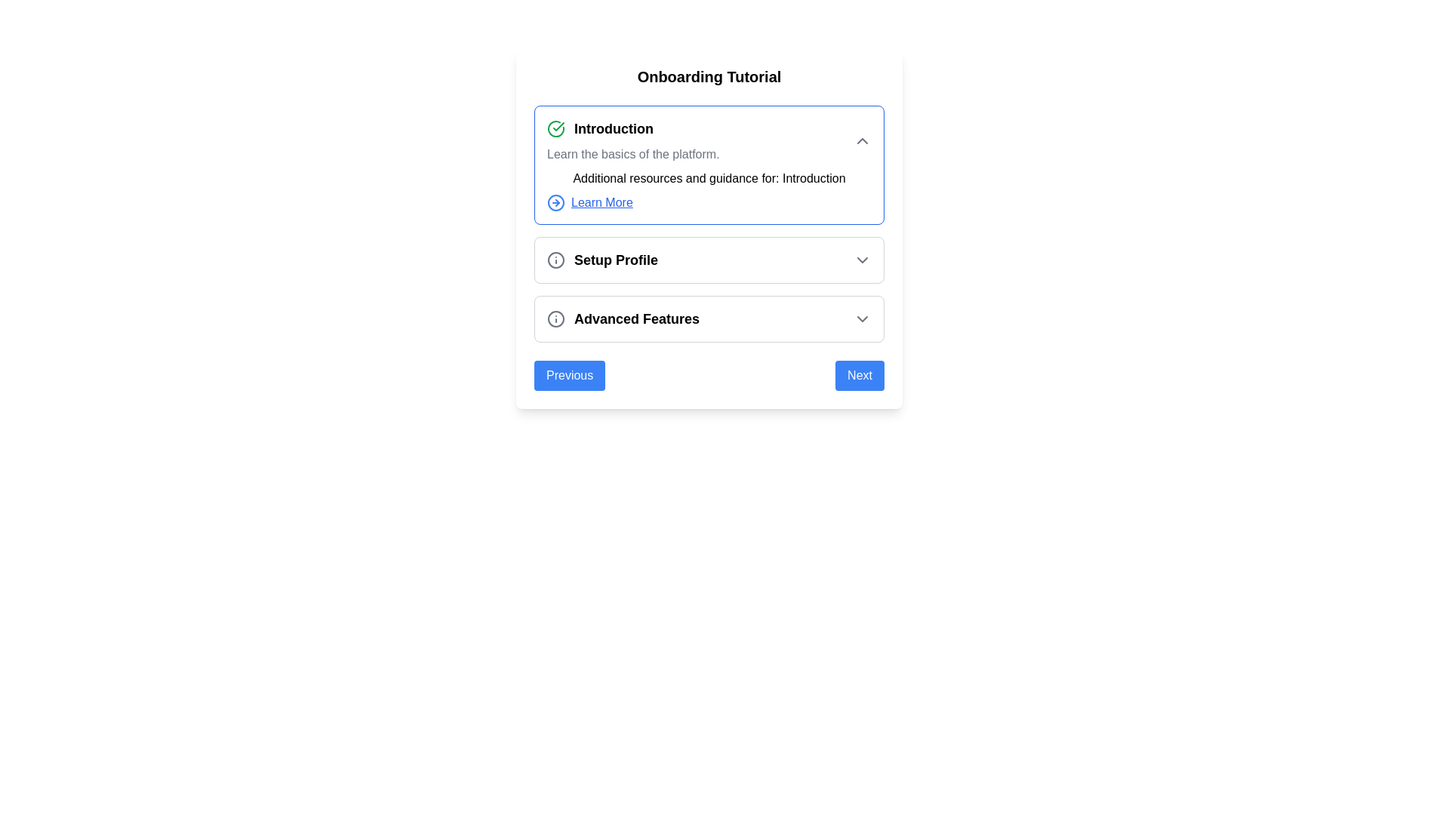 The width and height of the screenshot is (1449, 815). I want to click on the collapsible icon in the section titled 'Introduction' to expand or collapse the additional panel containing resources and guidance, so click(709, 224).